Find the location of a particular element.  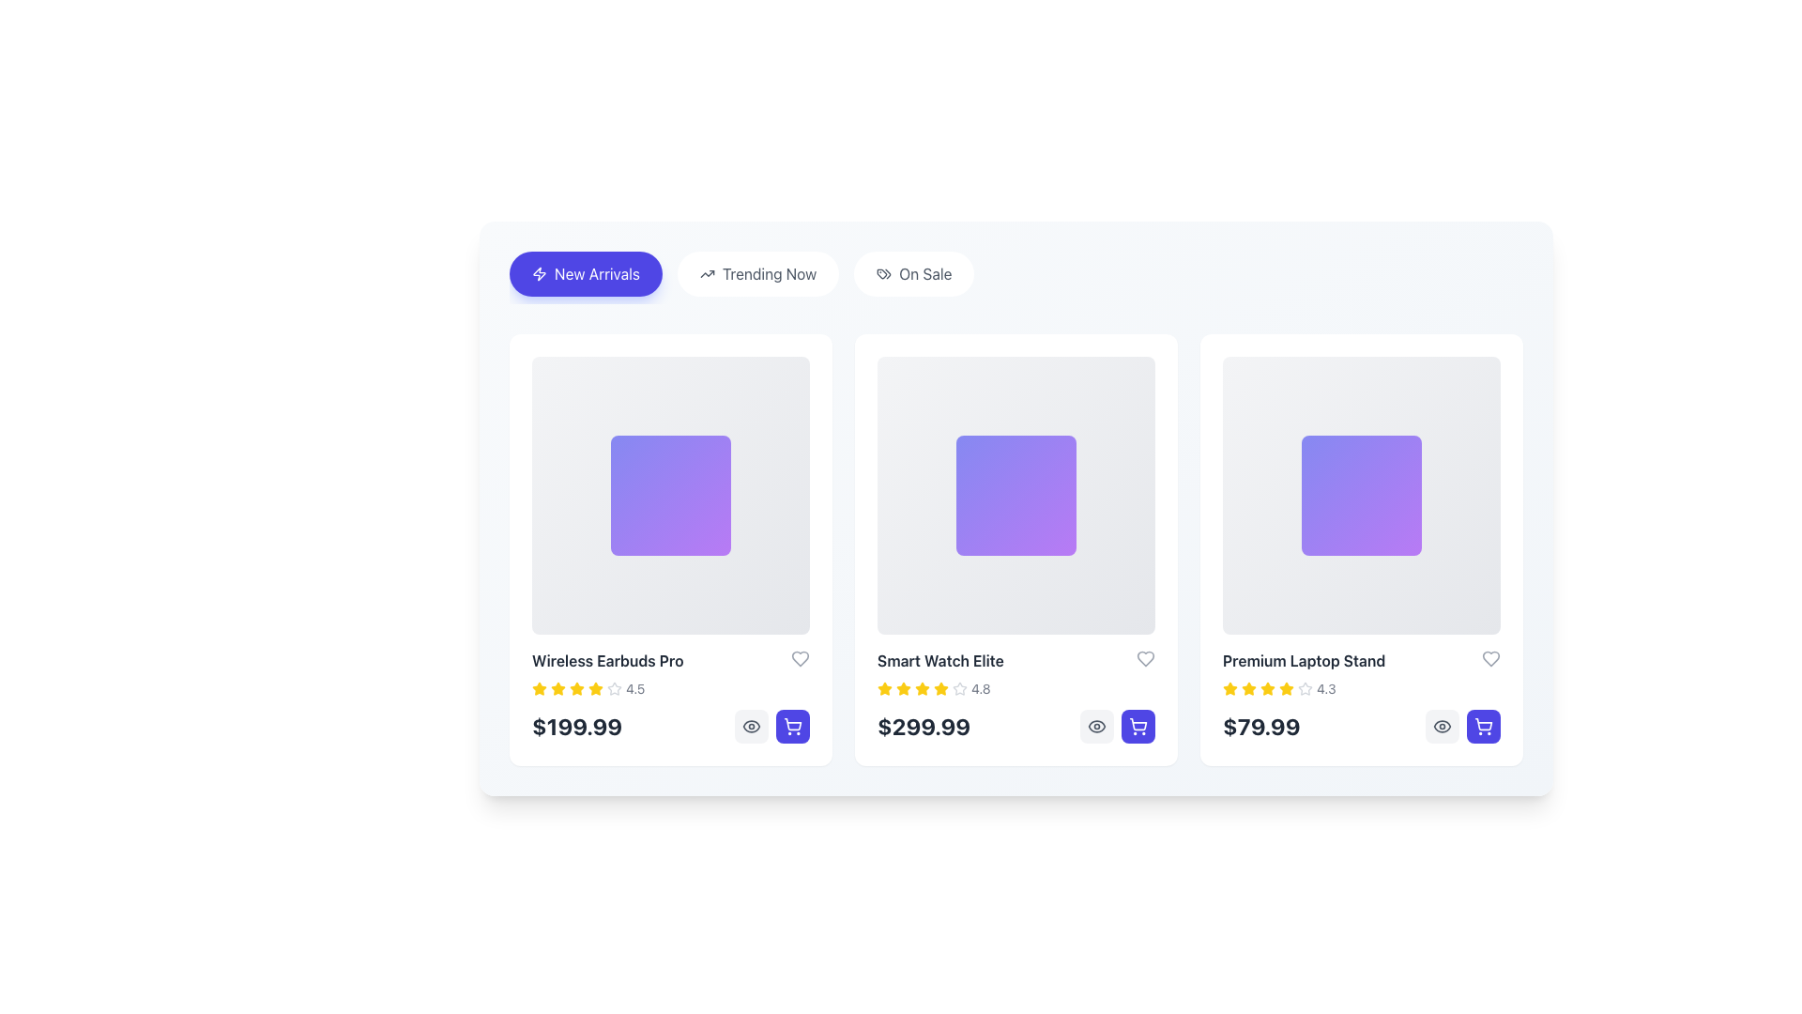

the rounded square-shaped button with a gray background and an eye icon inside it, located in the second product card for keyboard navigation is located at coordinates (1097, 726).